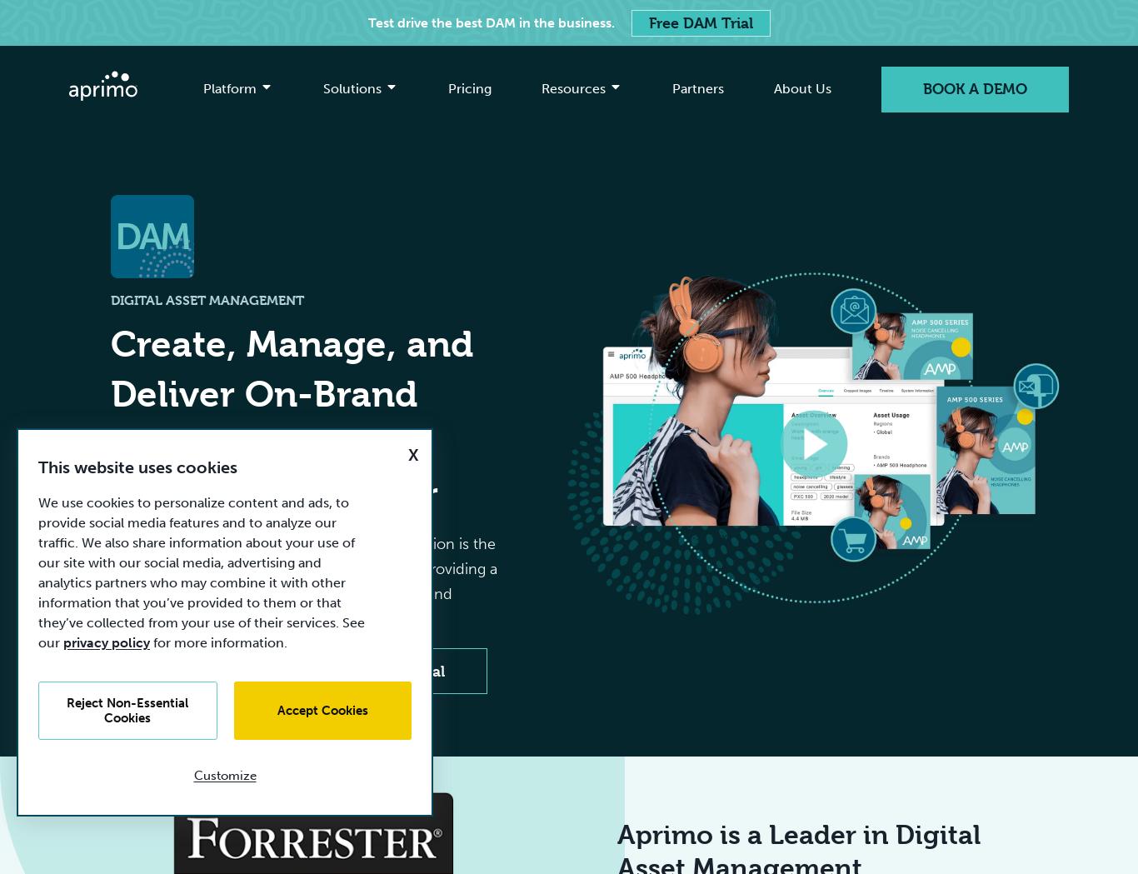 This screenshot has height=874, width=1138. What do you see at coordinates (237, 217) in the screenshot?
I see `'Financial Services'` at bounding box center [237, 217].